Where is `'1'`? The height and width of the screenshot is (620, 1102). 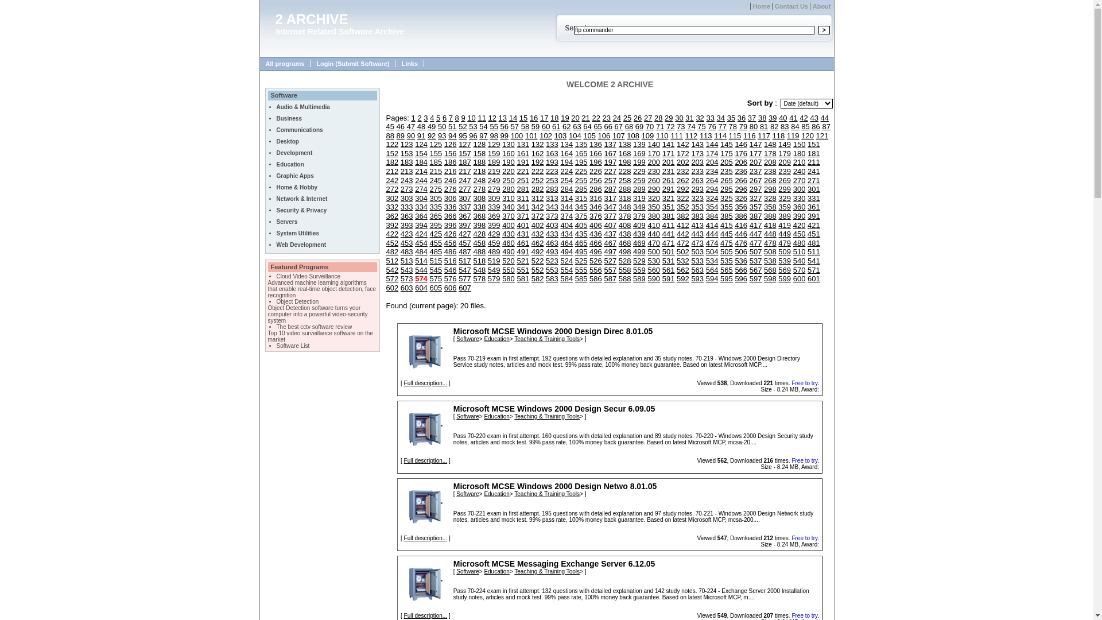
'1' is located at coordinates (413, 118).